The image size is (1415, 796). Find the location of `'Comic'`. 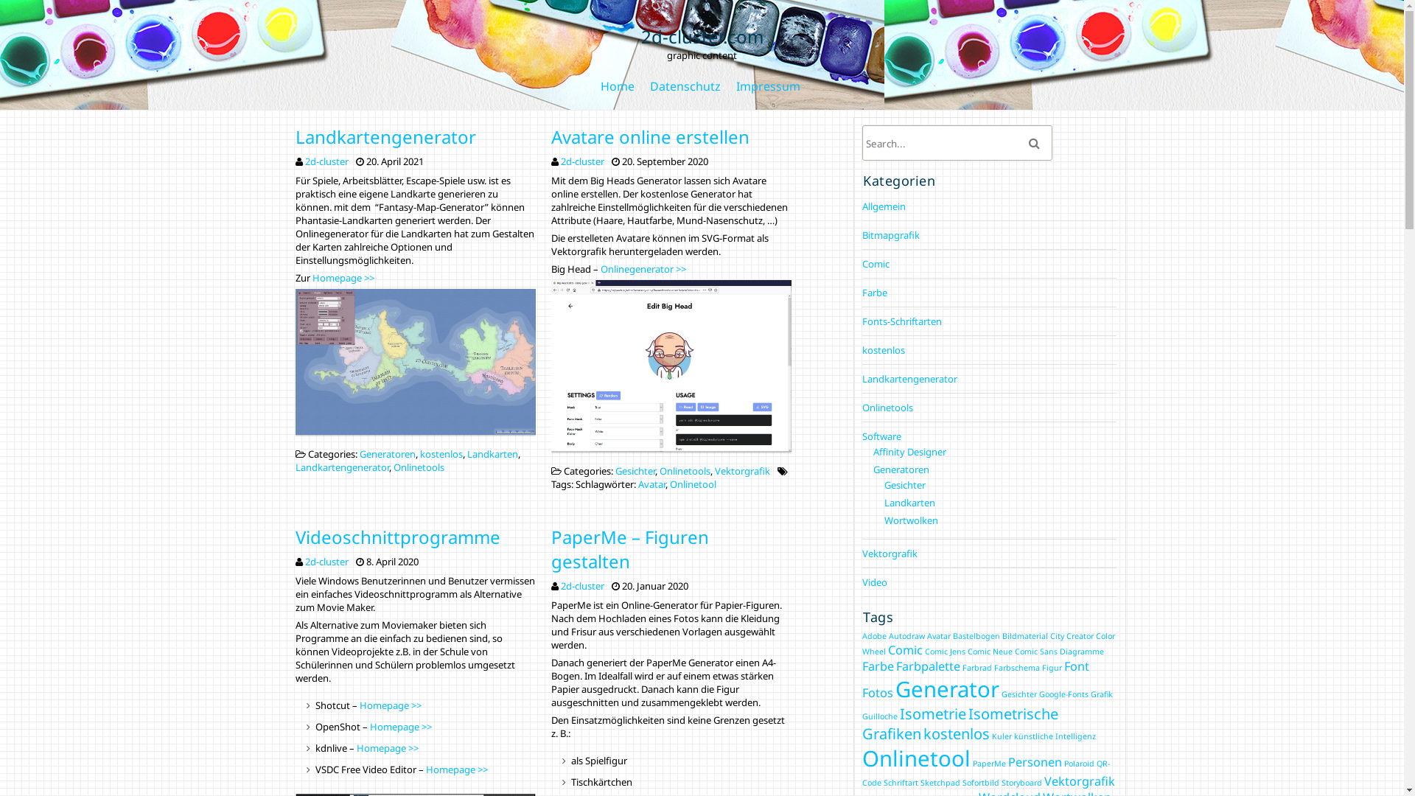

'Comic' is located at coordinates (876, 263).